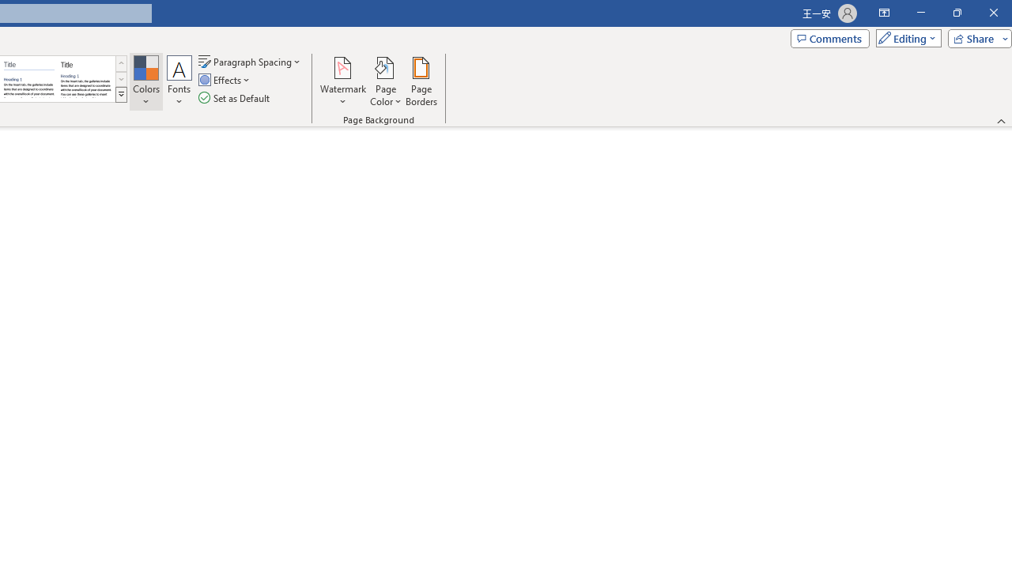 Image resolution: width=1012 pixels, height=569 pixels. What do you see at coordinates (85, 79) in the screenshot?
I see `'Word 2013'` at bounding box center [85, 79].